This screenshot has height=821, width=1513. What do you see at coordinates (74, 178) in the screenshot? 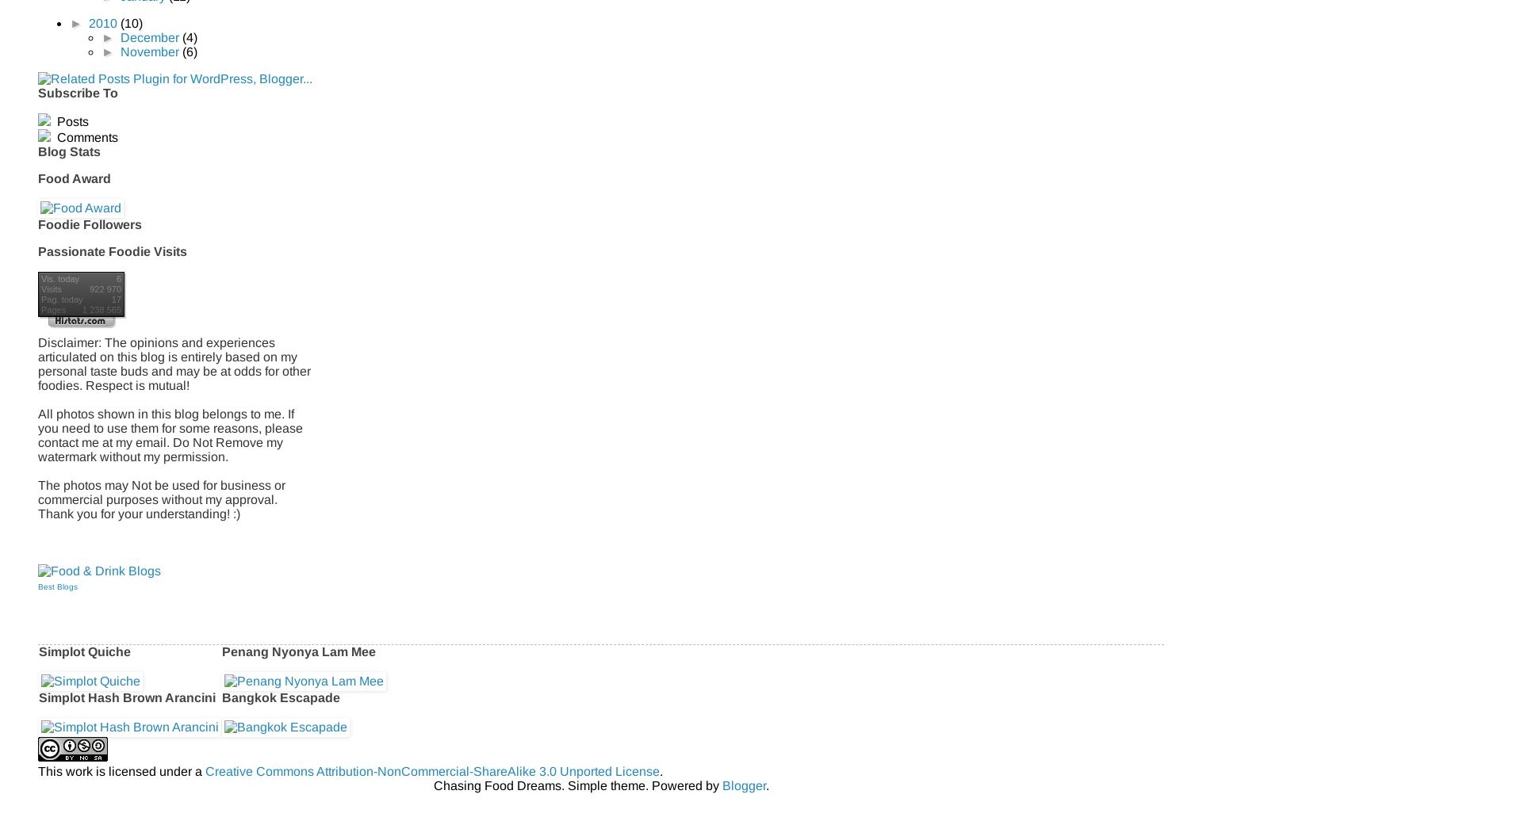
I see `'Food Award'` at bounding box center [74, 178].